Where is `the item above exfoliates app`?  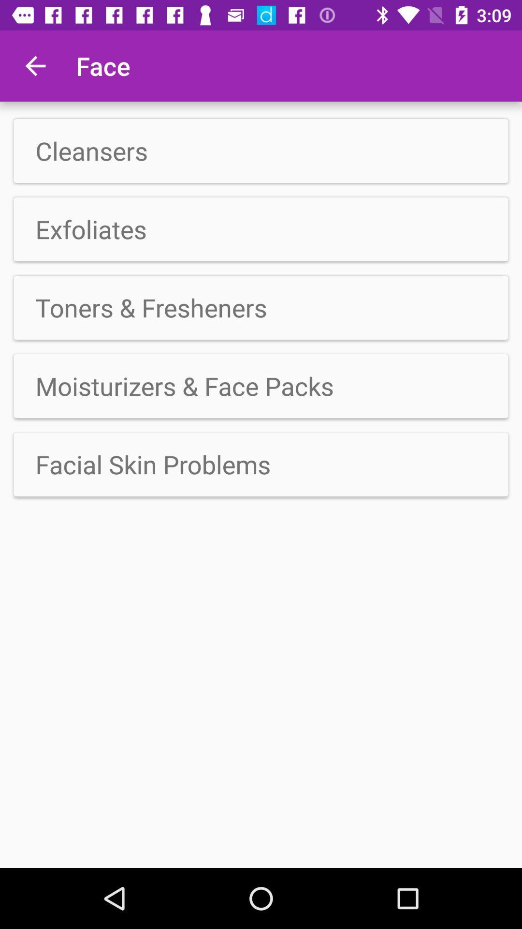 the item above exfoliates app is located at coordinates (261, 150).